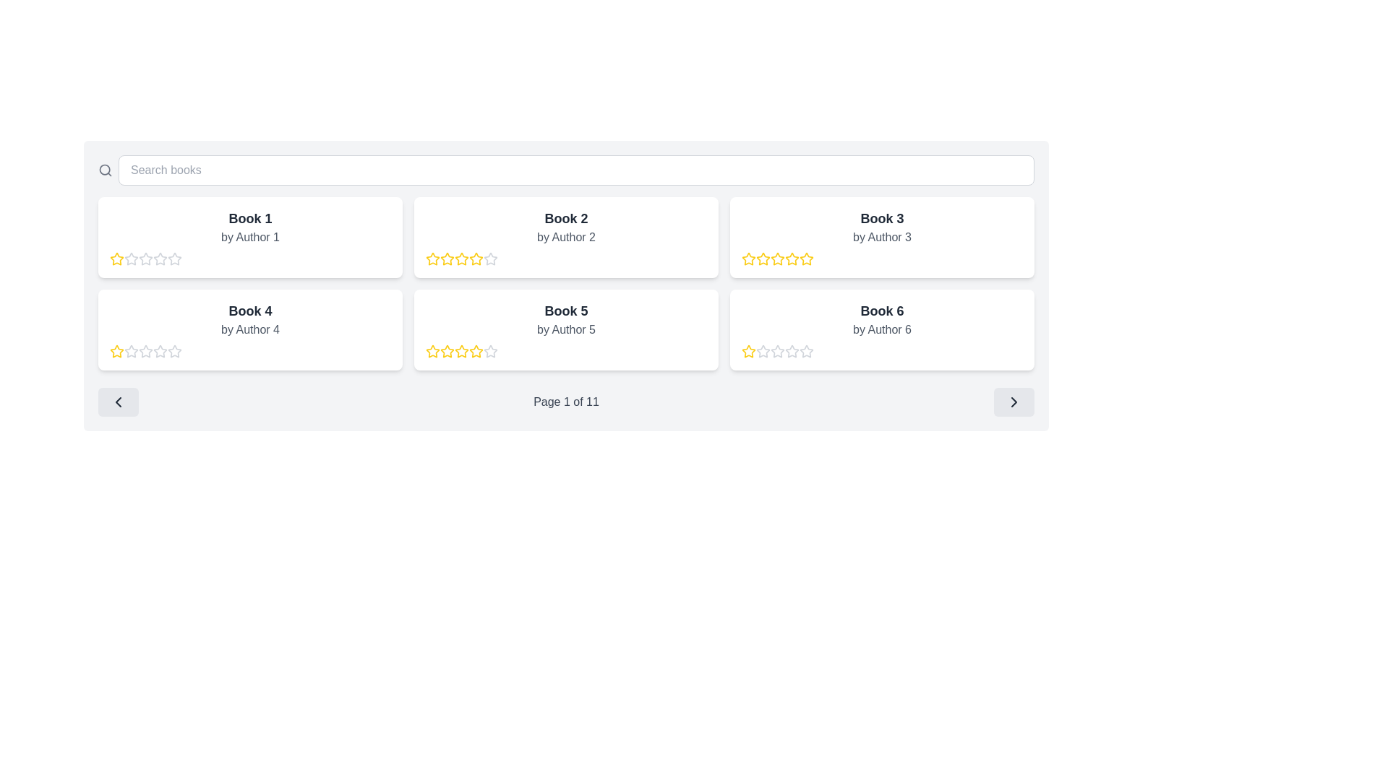 The width and height of the screenshot is (1388, 780). Describe the element at coordinates (748, 351) in the screenshot. I see `the first star-shaped rating icon with a yellow outline and hollow center located below Book 6 by Author 6 to rate it` at that location.